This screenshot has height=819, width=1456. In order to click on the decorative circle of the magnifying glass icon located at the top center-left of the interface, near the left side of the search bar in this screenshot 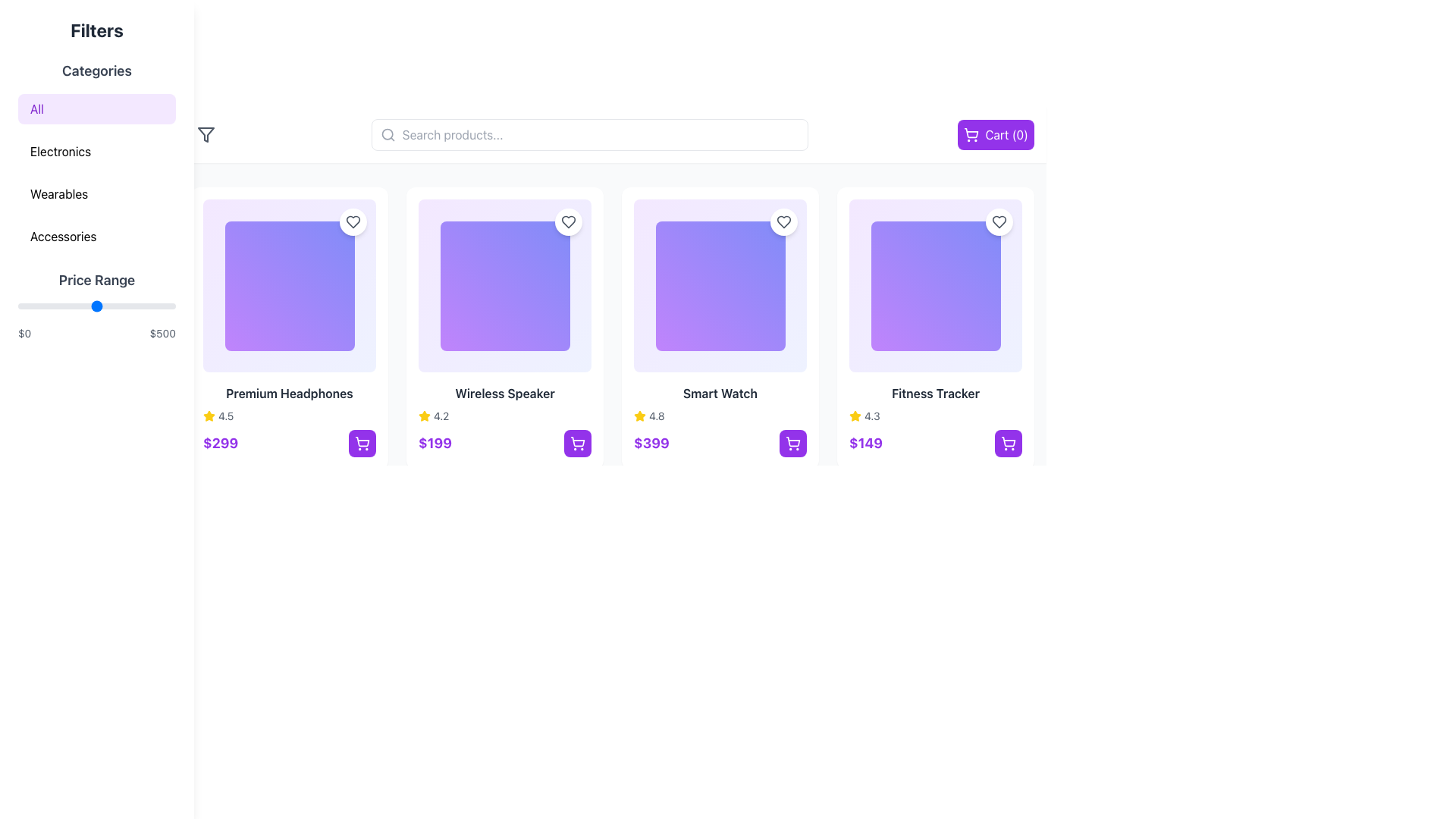, I will do `click(387, 133)`.